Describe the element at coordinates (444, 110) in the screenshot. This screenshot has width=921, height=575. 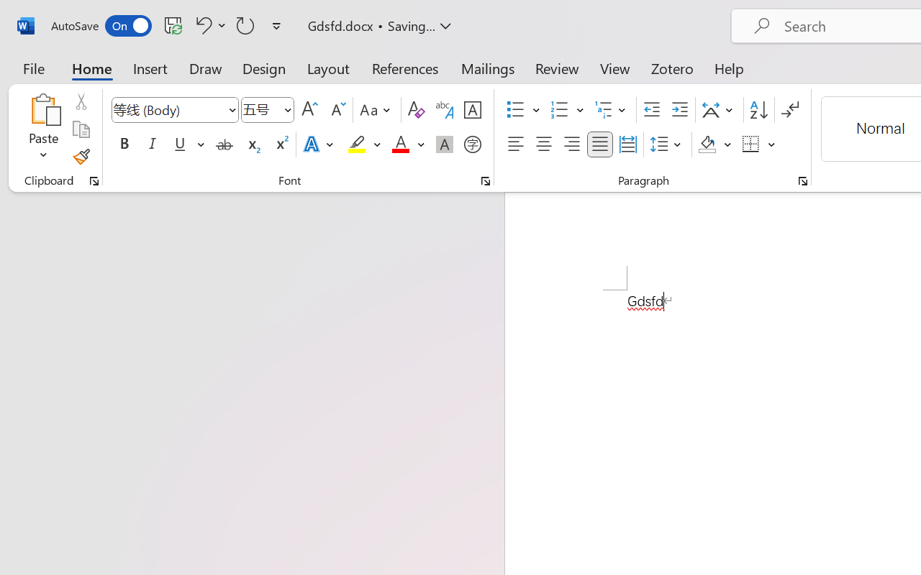
I see `'Phonetic Guide...'` at that location.